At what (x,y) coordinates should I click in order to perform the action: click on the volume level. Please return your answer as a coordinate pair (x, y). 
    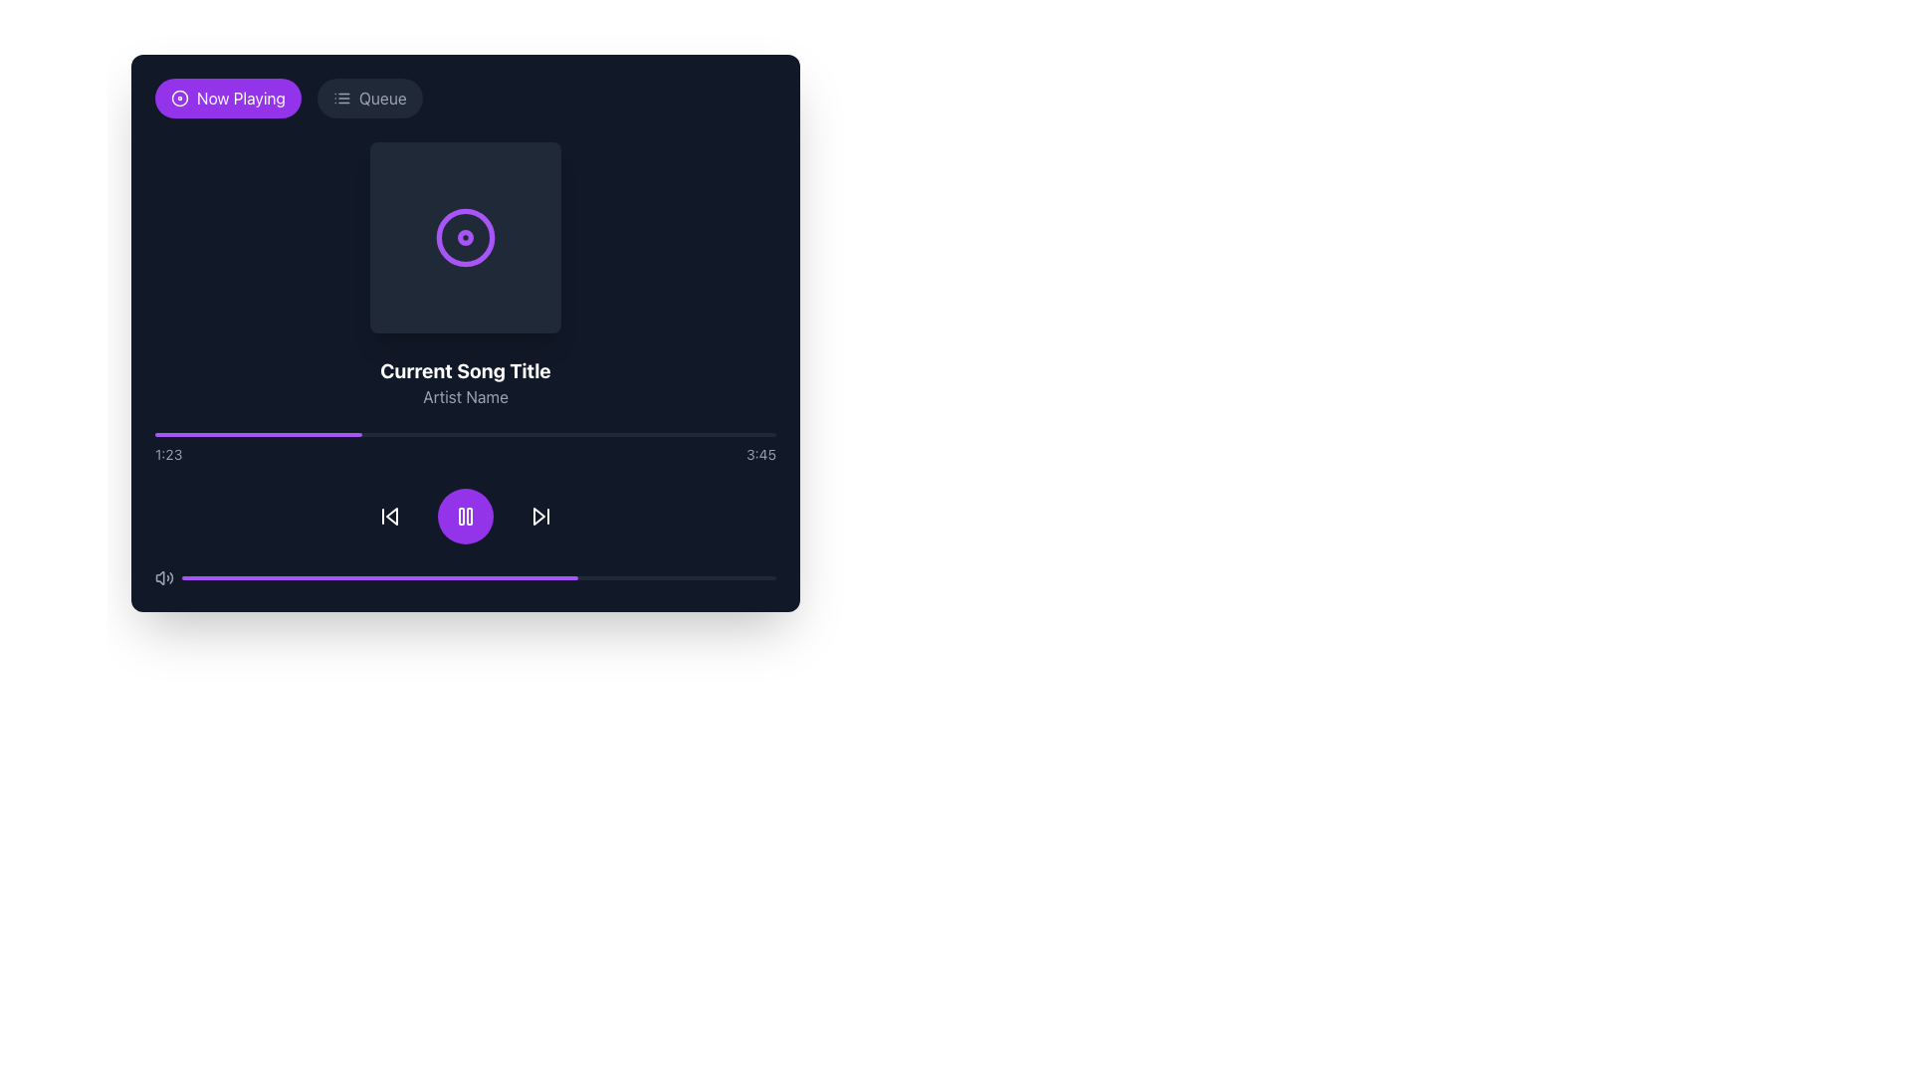
    Looking at the image, I should click on (466, 578).